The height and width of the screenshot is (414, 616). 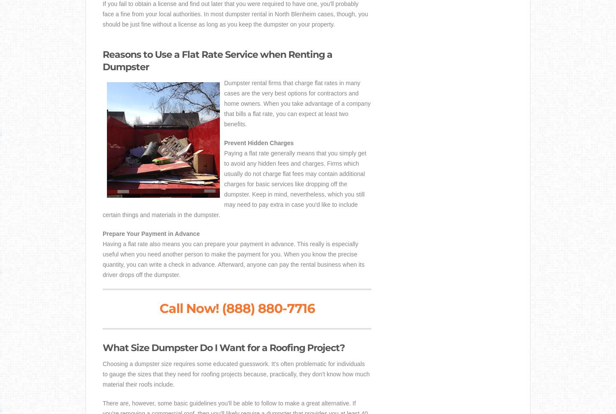 I want to click on 'Prepare Your Payment in Advance', so click(x=151, y=233).